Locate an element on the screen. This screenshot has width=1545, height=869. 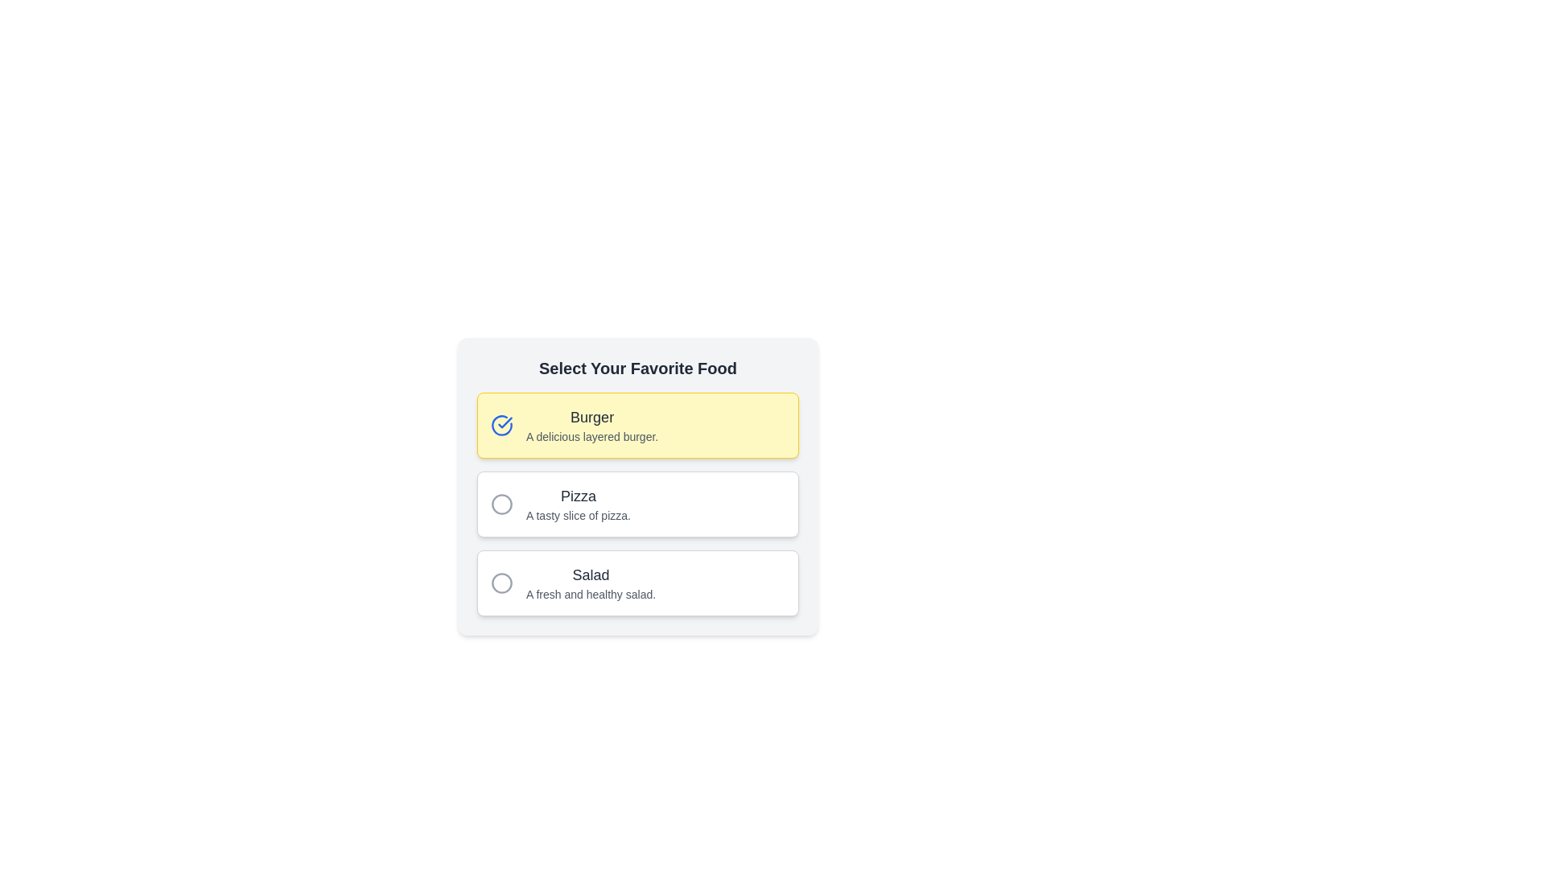
the text label that provides additional information about the 'Pizza' option, located directly below the text 'Pizza' and between the 'Burger' and 'Salad' options is located at coordinates (579, 515).